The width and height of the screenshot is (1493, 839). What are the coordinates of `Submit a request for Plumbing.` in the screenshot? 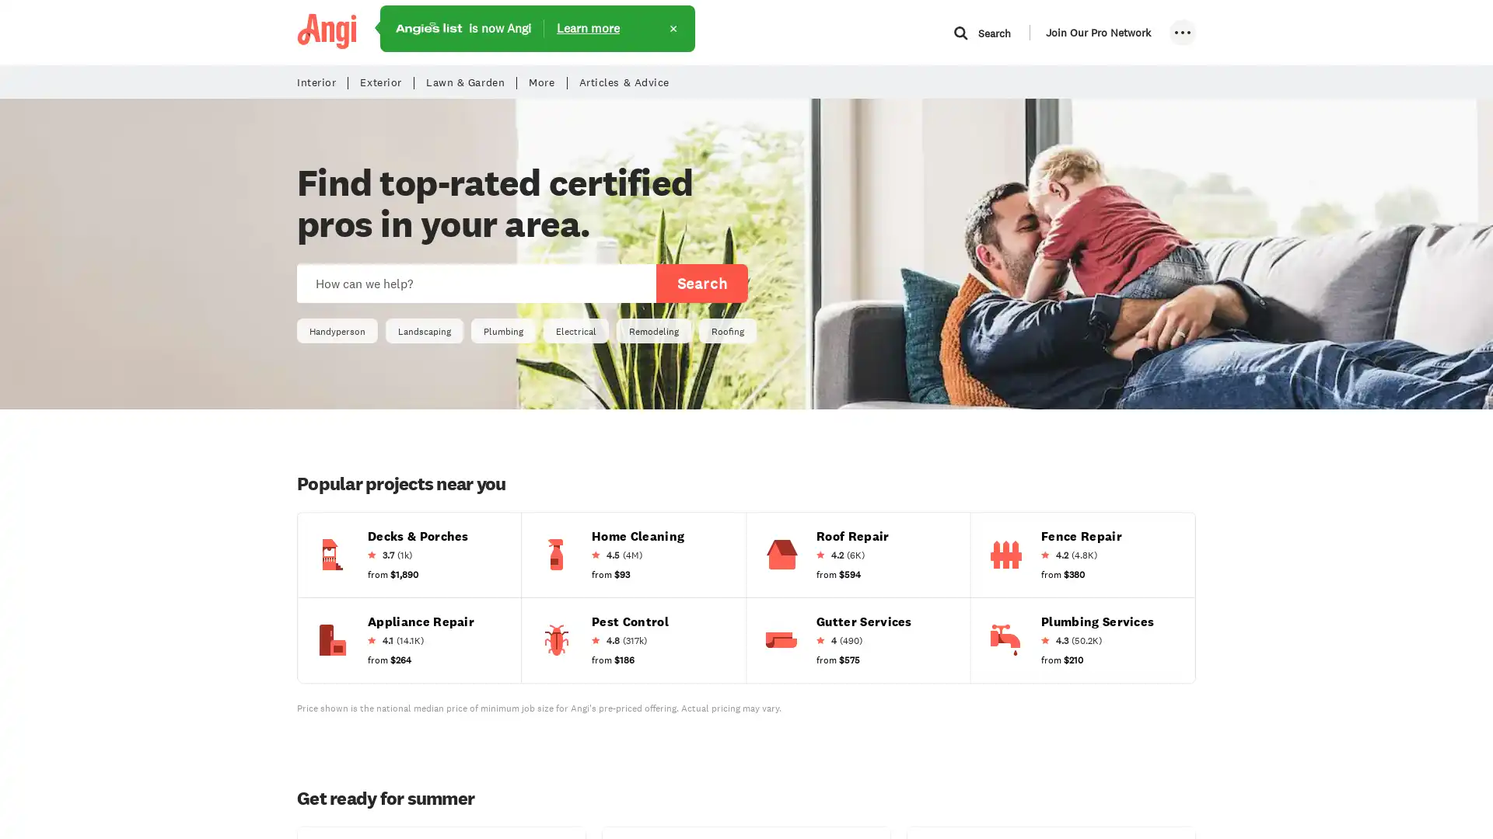 It's located at (503, 329).